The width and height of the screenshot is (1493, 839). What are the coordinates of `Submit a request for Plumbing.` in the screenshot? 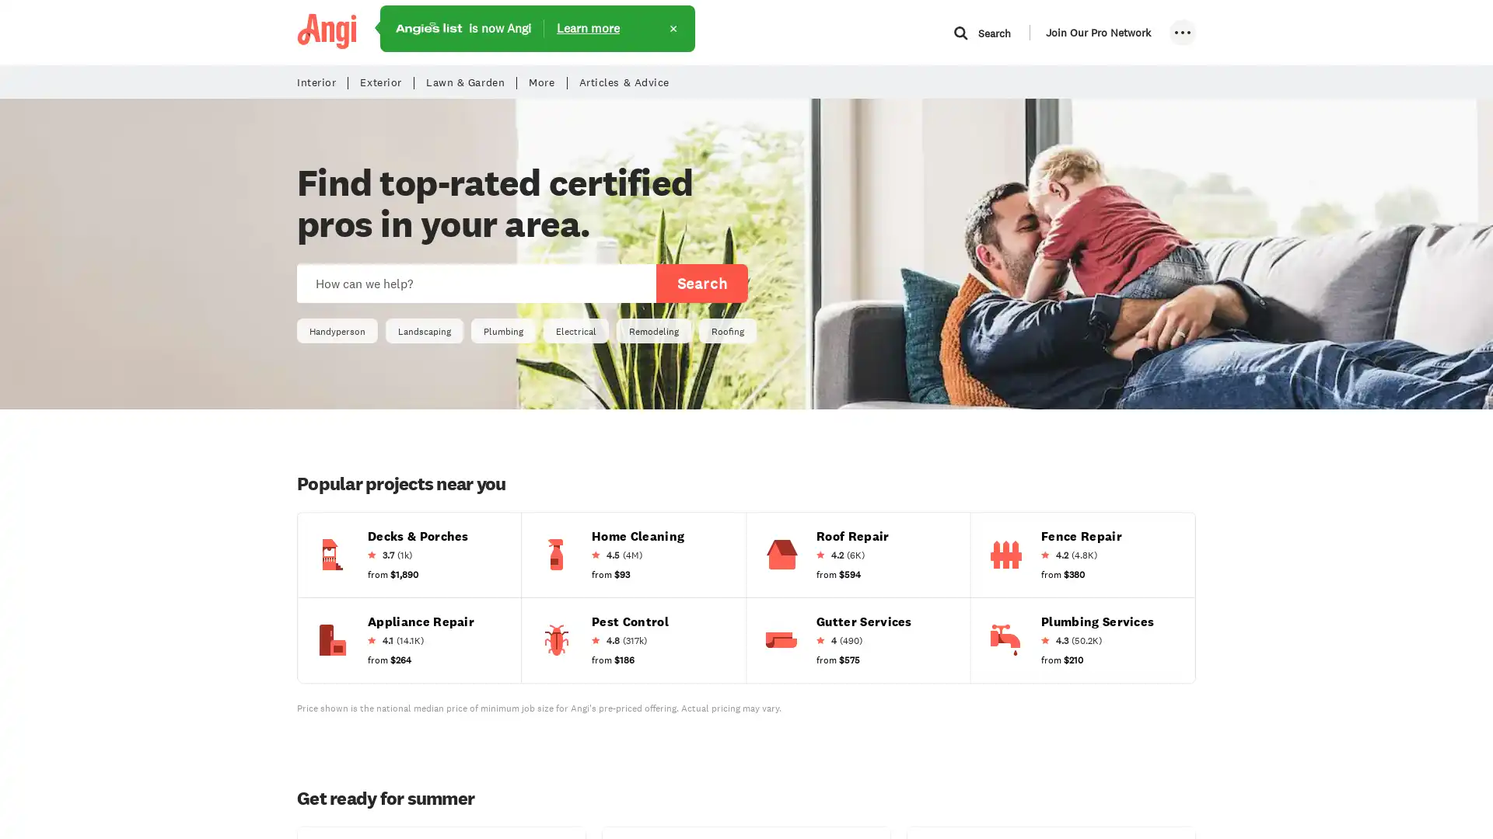 It's located at (503, 329).